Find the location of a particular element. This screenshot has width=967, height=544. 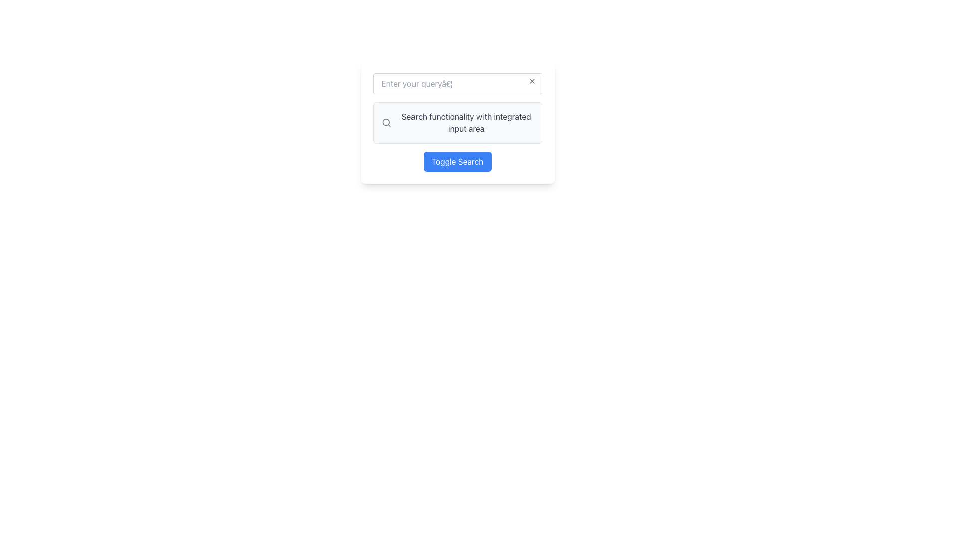

the toggle button located horizontally centered under the search description area is located at coordinates (456, 161).